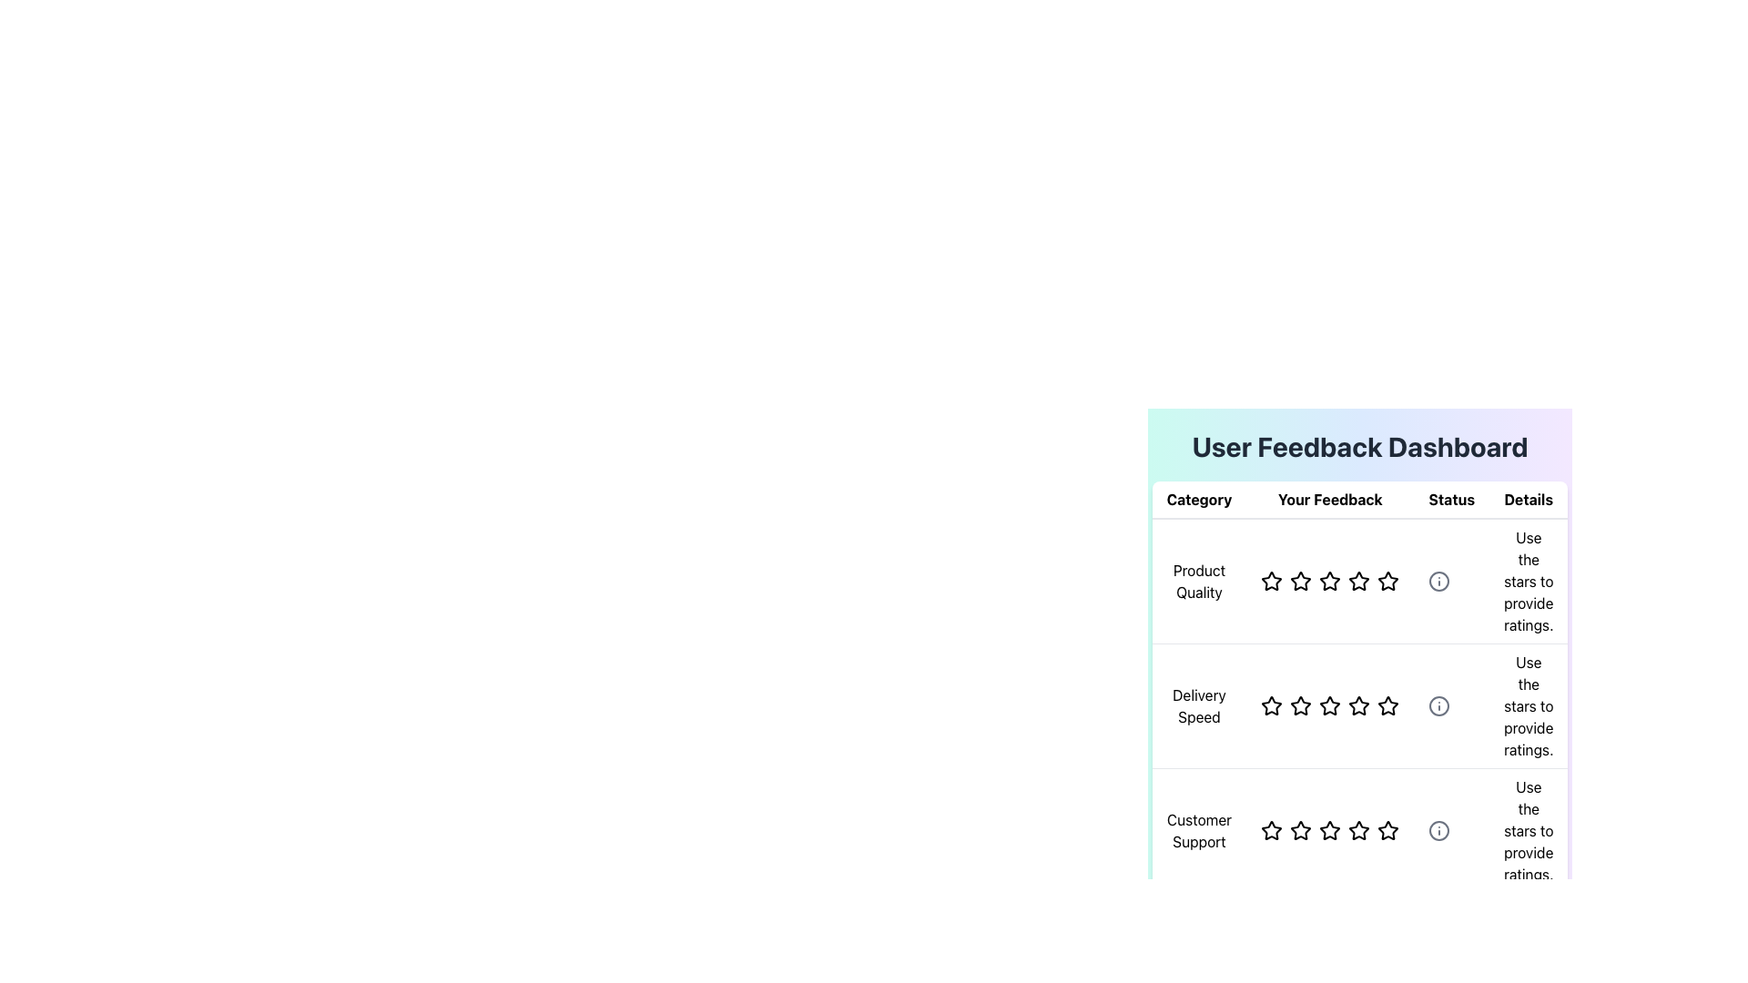 The height and width of the screenshot is (983, 1748). What do you see at coordinates (1330, 704) in the screenshot?
I see `the third star icon in the 'Delivery Speed' rating section` at bounding box center [1330, 704].